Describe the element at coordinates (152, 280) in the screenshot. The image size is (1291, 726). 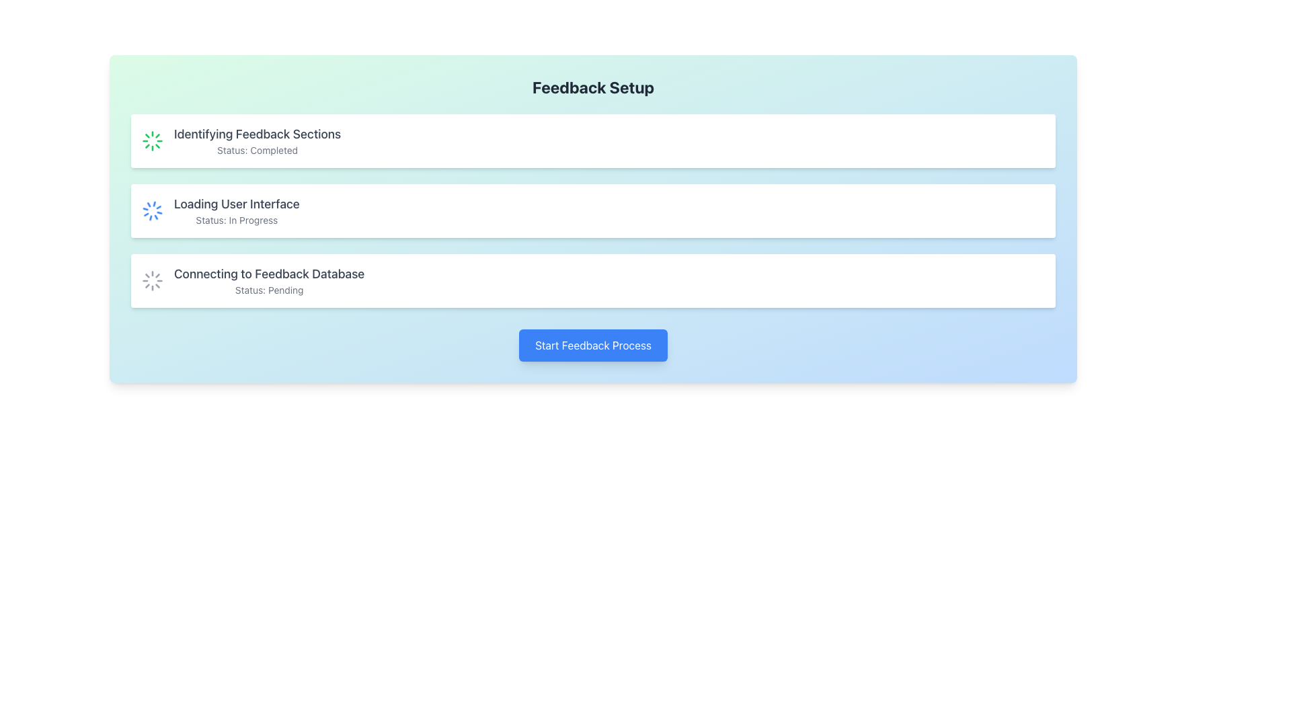
I see `the Spinner icon that indicates a loading state, located to the left of the text 'Connecting to Feedback Database.'` at that location.